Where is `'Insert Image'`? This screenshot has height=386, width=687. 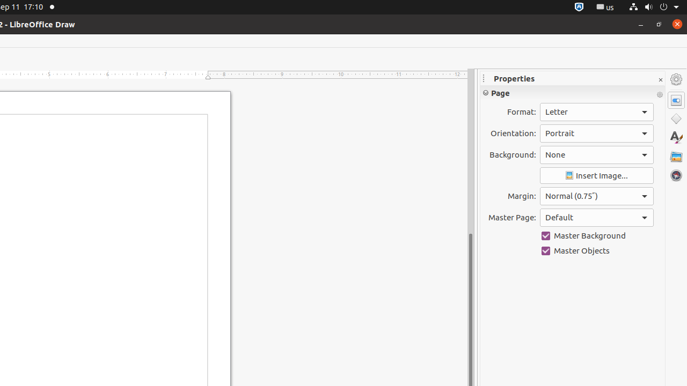
'Insert Image' is located at coordinates (596, 175).